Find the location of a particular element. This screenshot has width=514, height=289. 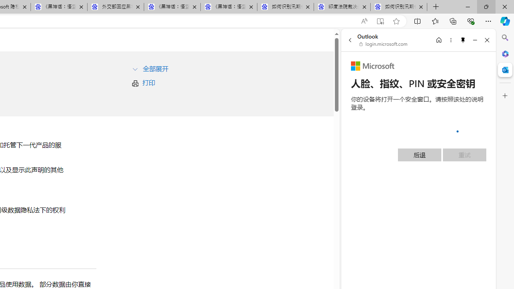

'Enter Immersive Reader (F9)' is located at coordinates (379, 21).